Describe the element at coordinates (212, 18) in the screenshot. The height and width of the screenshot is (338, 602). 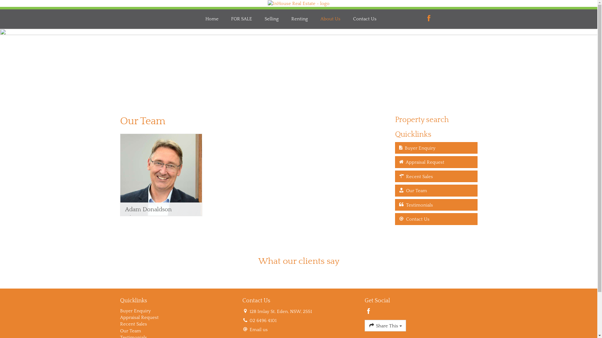
I see `'Home'` at that location.